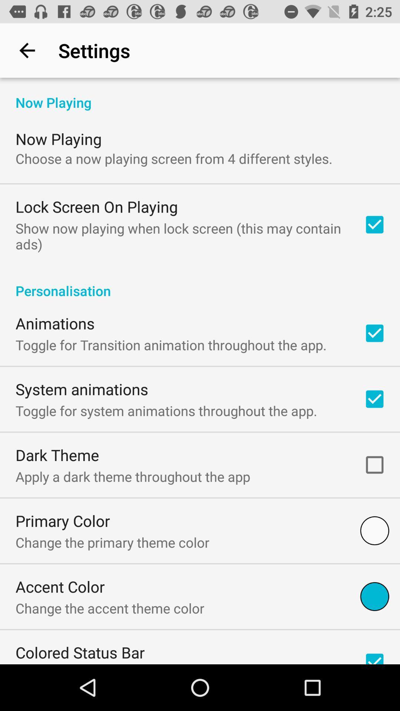  Describe the element at coordinates (132, 476) in the screenshot. I see `apply a dark` at that location.